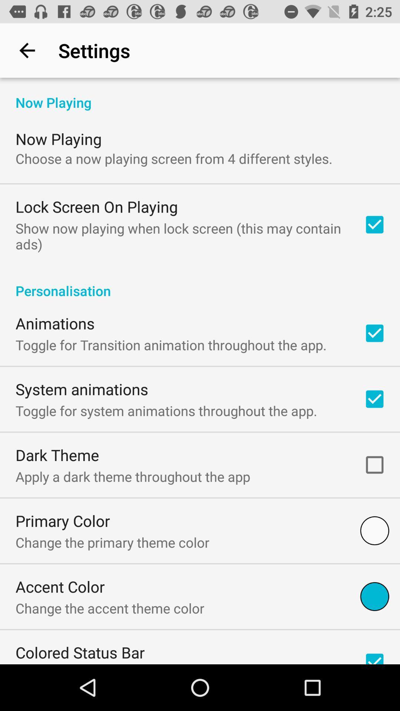  Describe the element at coordinates (132, 476) in the screenshot. I see `apply a dark` at that location.